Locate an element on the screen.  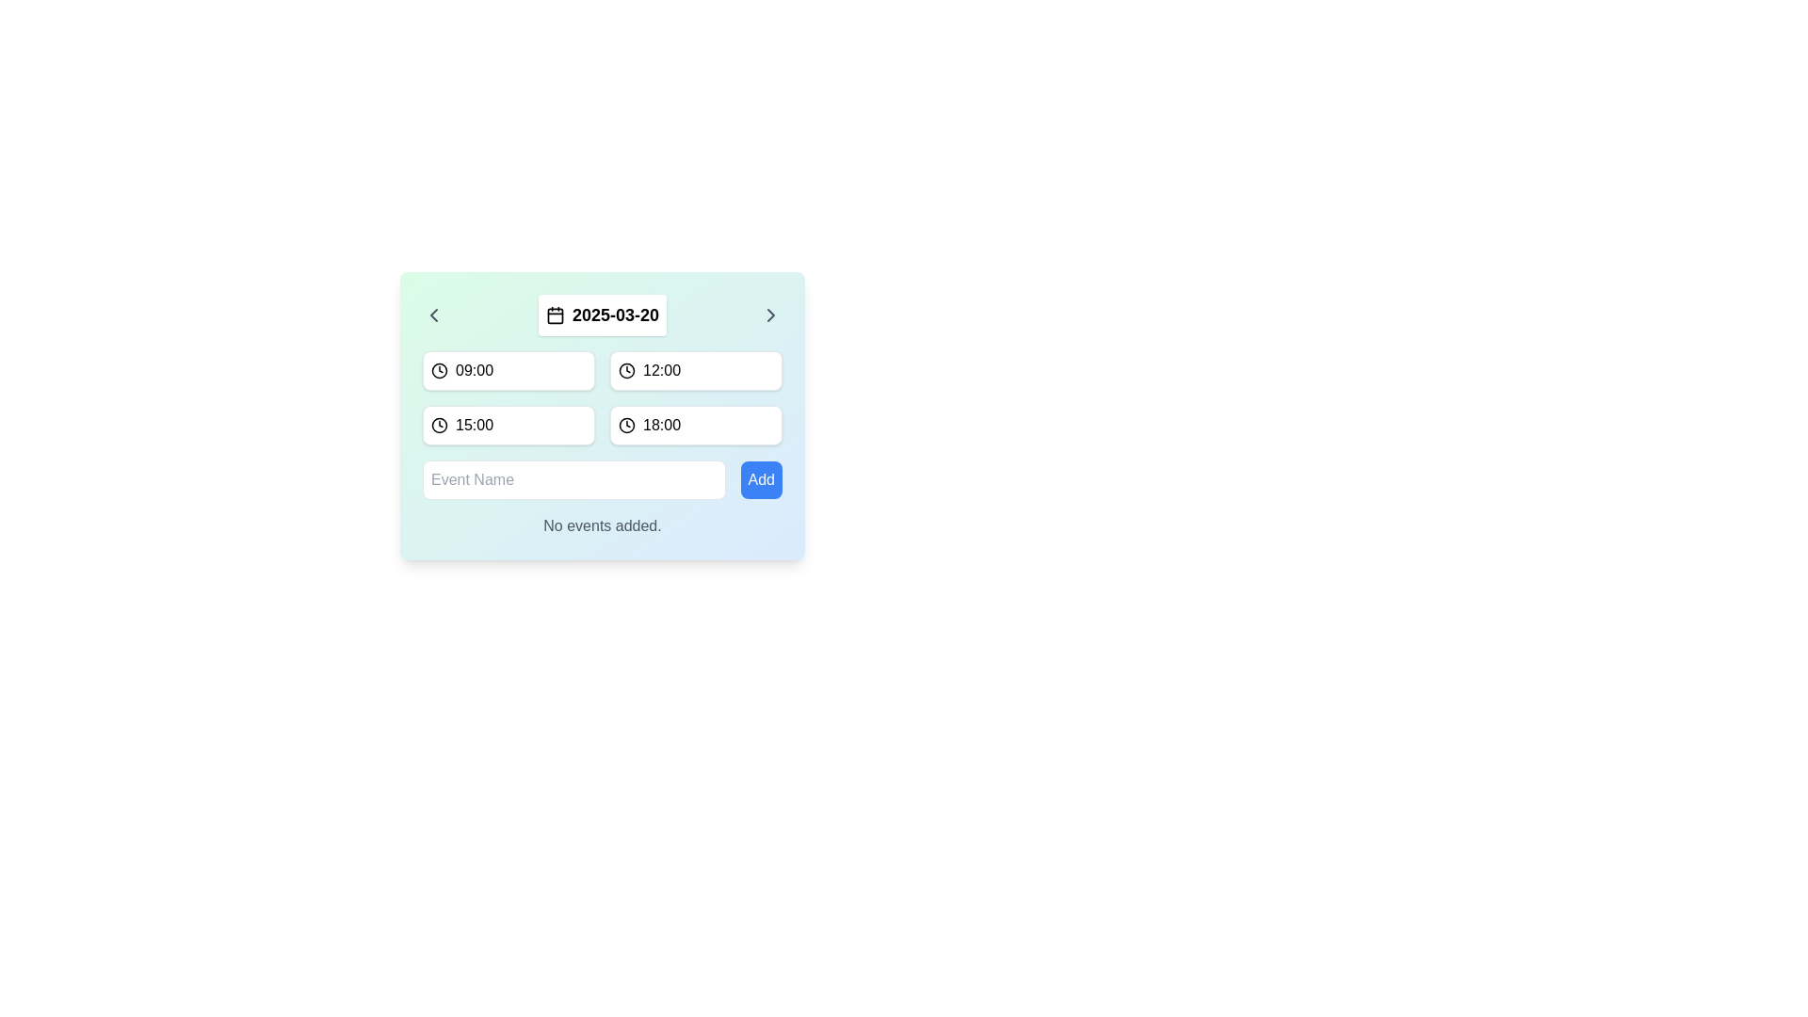
one of the time slots in the grid layout containing clock icons and time values is located at coordinates (601, 397).